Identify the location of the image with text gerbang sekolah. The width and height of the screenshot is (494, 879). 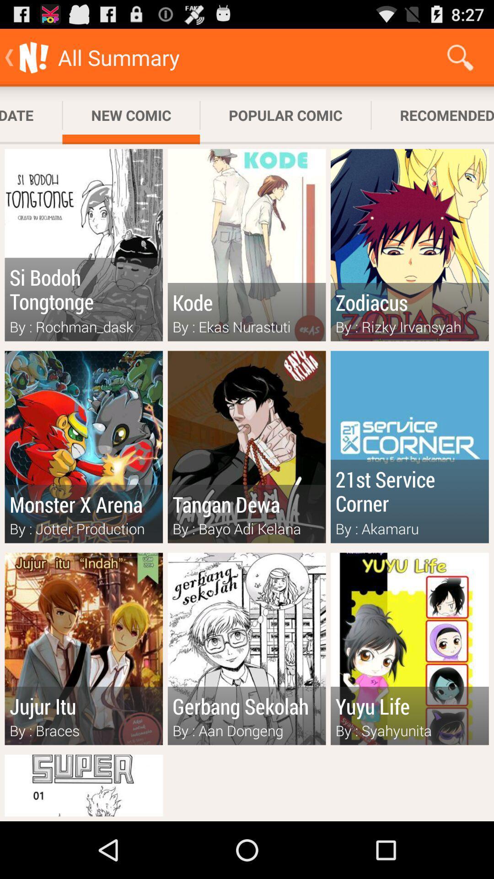
(247, 648).